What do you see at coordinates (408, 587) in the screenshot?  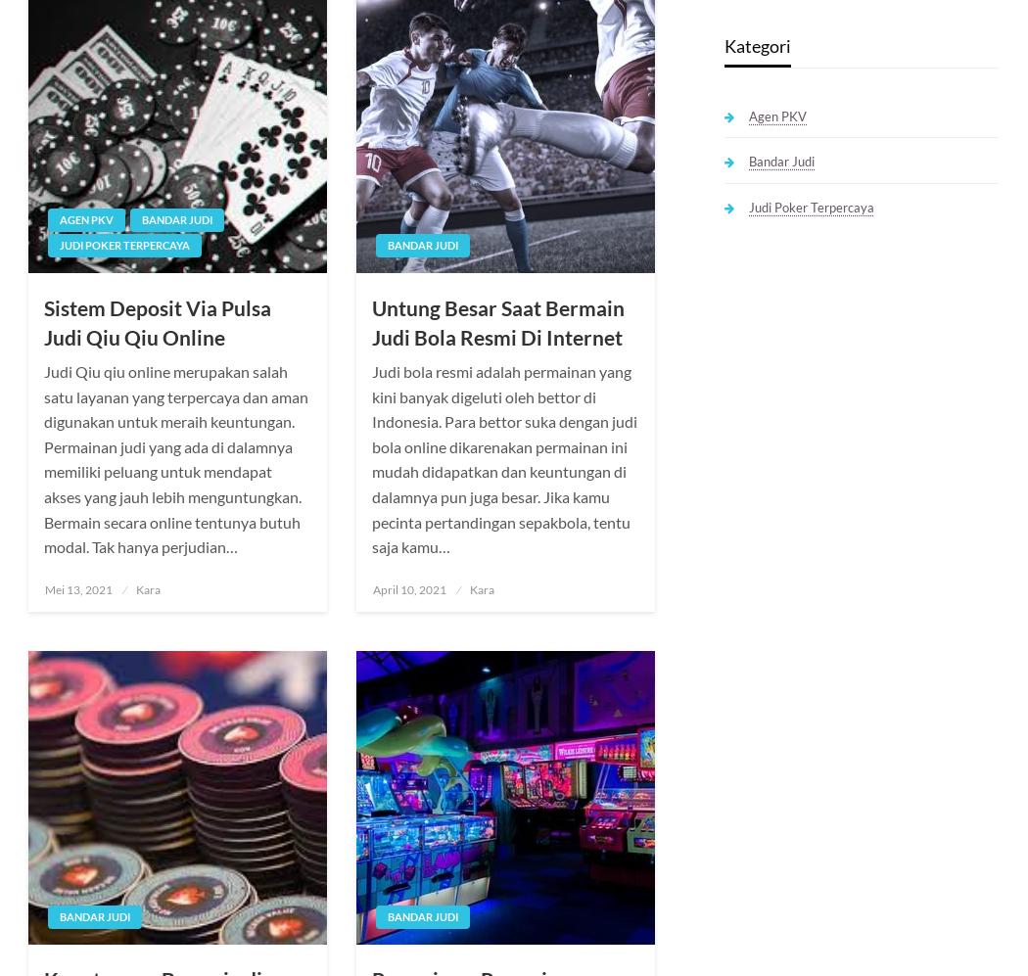 I see `'April 10, 2021'` at bounding box center [408, 587].